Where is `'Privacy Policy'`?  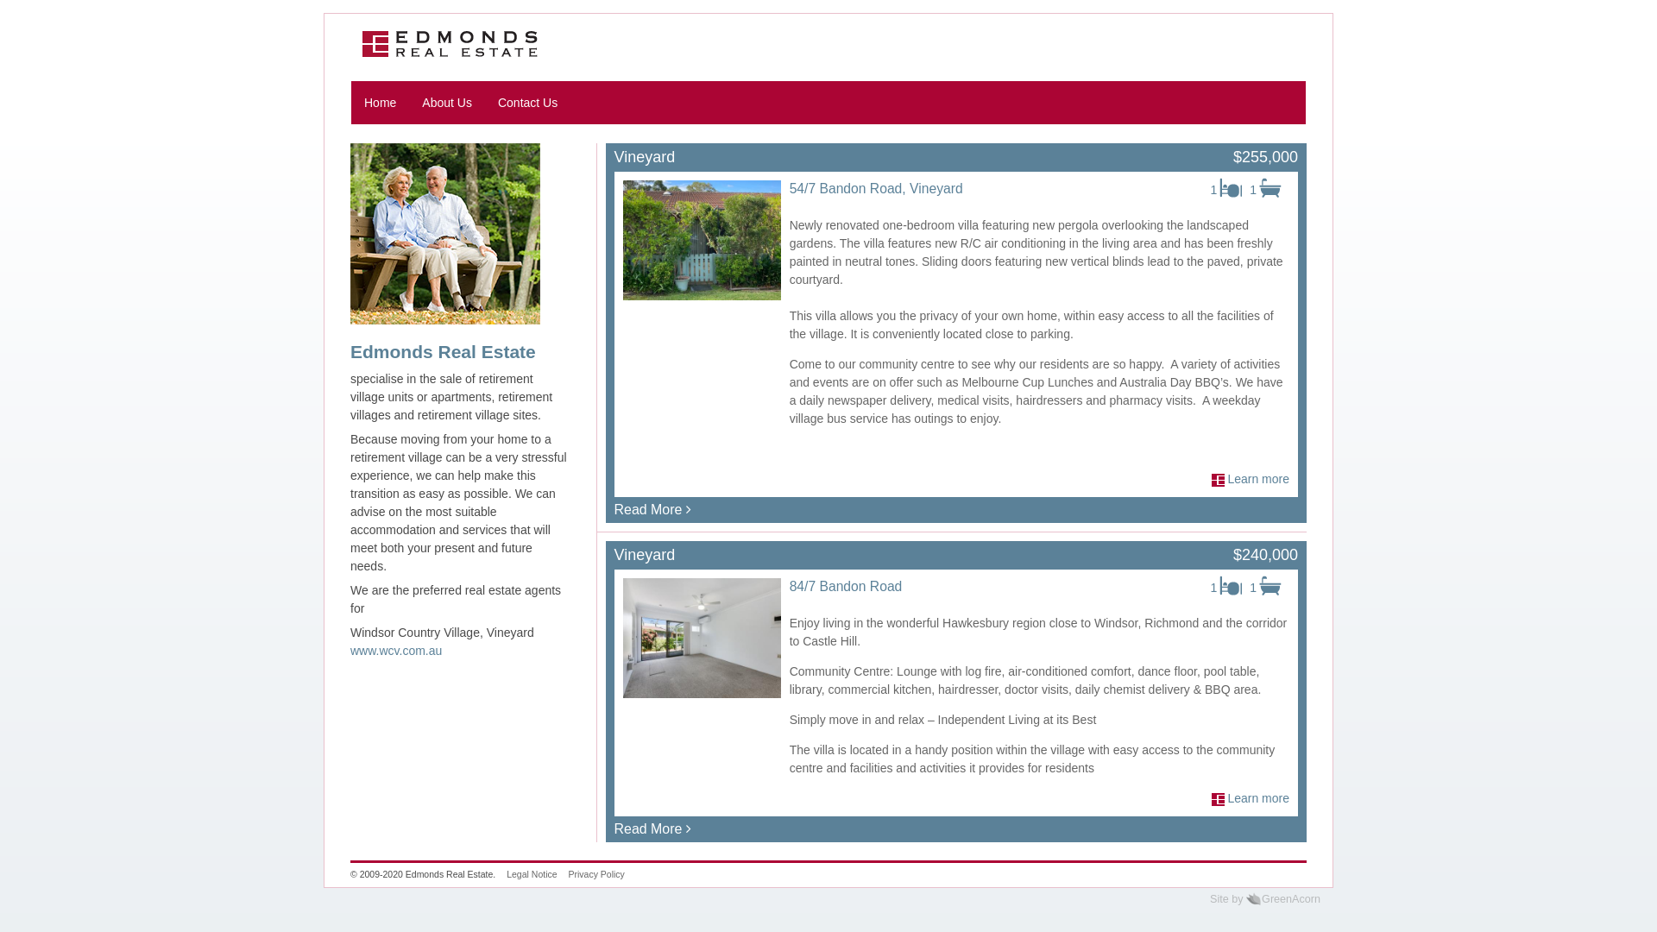
'Privacy Policy' is located at coordinates (595, 874).